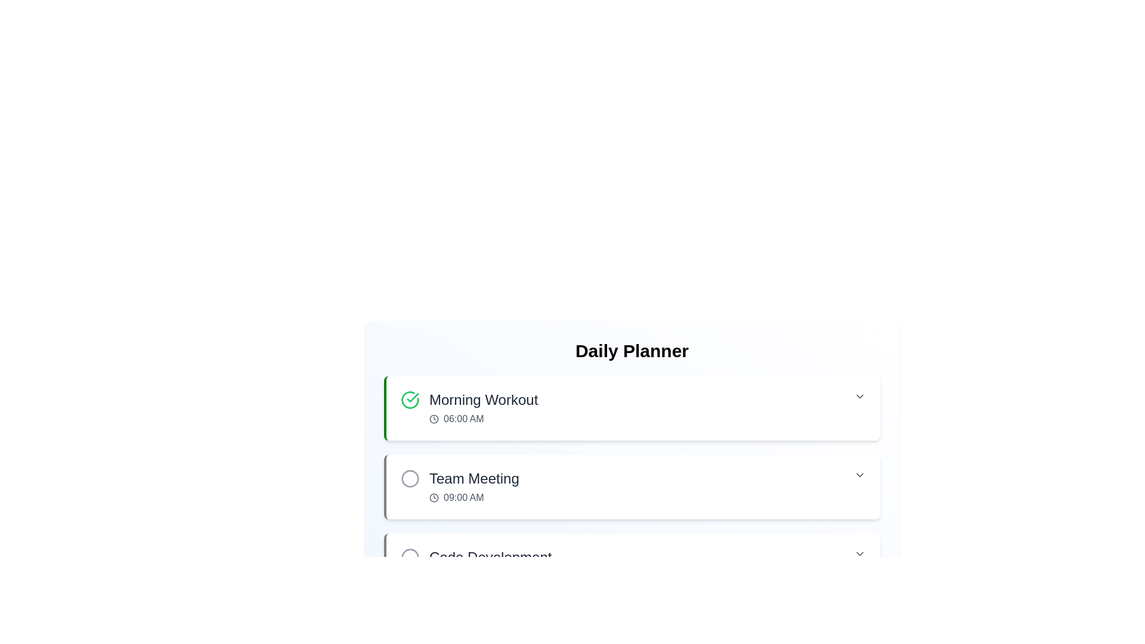  I want to click on the timing indicator icon located to the left of the '09:00 AM' time text in the 'Team Meeting' schedule row, which visually represents timing-related details, so click(434, 497).